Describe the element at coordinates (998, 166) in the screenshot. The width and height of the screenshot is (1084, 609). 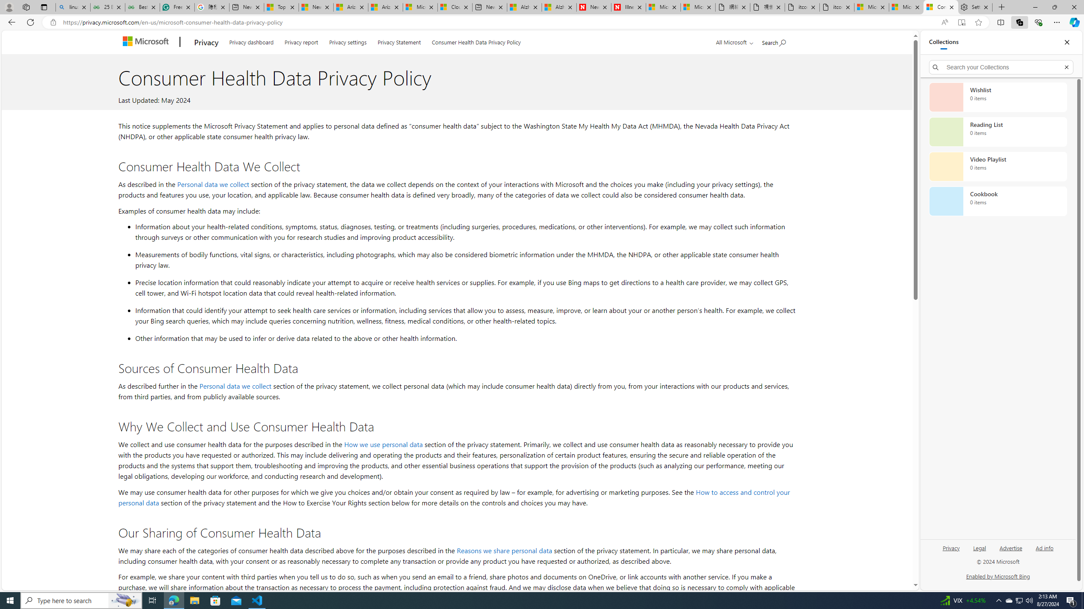
I see `'Video Playlist collection, 0 items'` at that location.